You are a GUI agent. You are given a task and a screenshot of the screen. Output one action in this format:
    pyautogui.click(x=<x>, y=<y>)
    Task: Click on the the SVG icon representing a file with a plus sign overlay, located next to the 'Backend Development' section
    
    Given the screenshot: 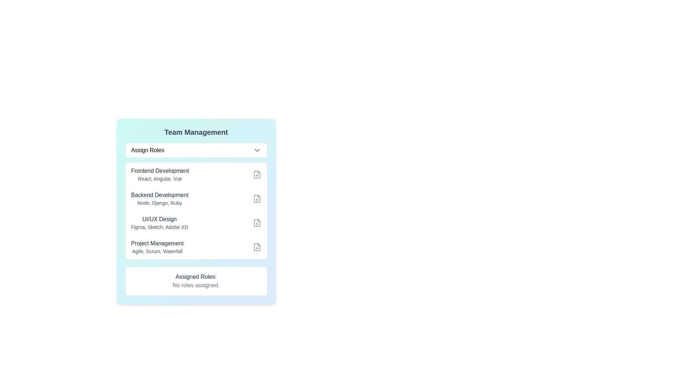 What is the action you would take?
    pyautogui.click(x=256, y=199)
    